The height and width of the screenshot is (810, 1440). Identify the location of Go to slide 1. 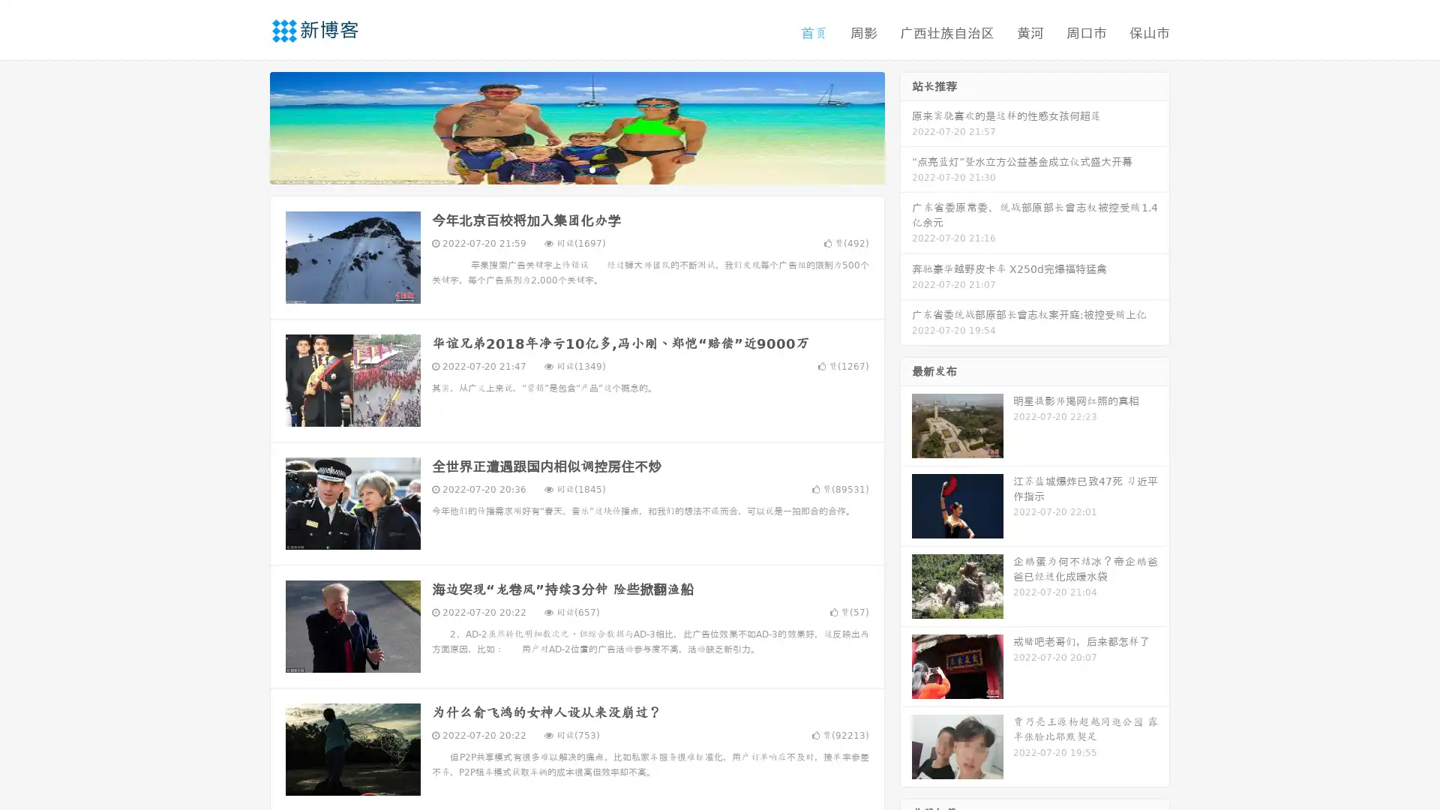
(561, 169).